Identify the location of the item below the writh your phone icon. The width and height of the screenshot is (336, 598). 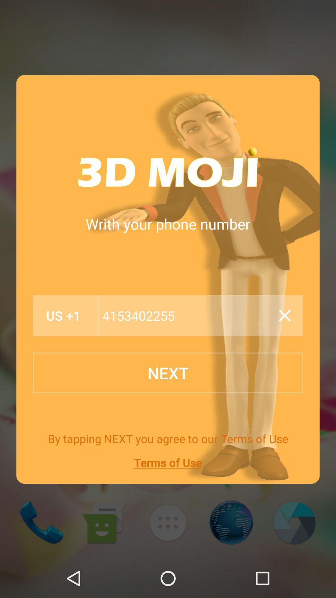
(63, 316).